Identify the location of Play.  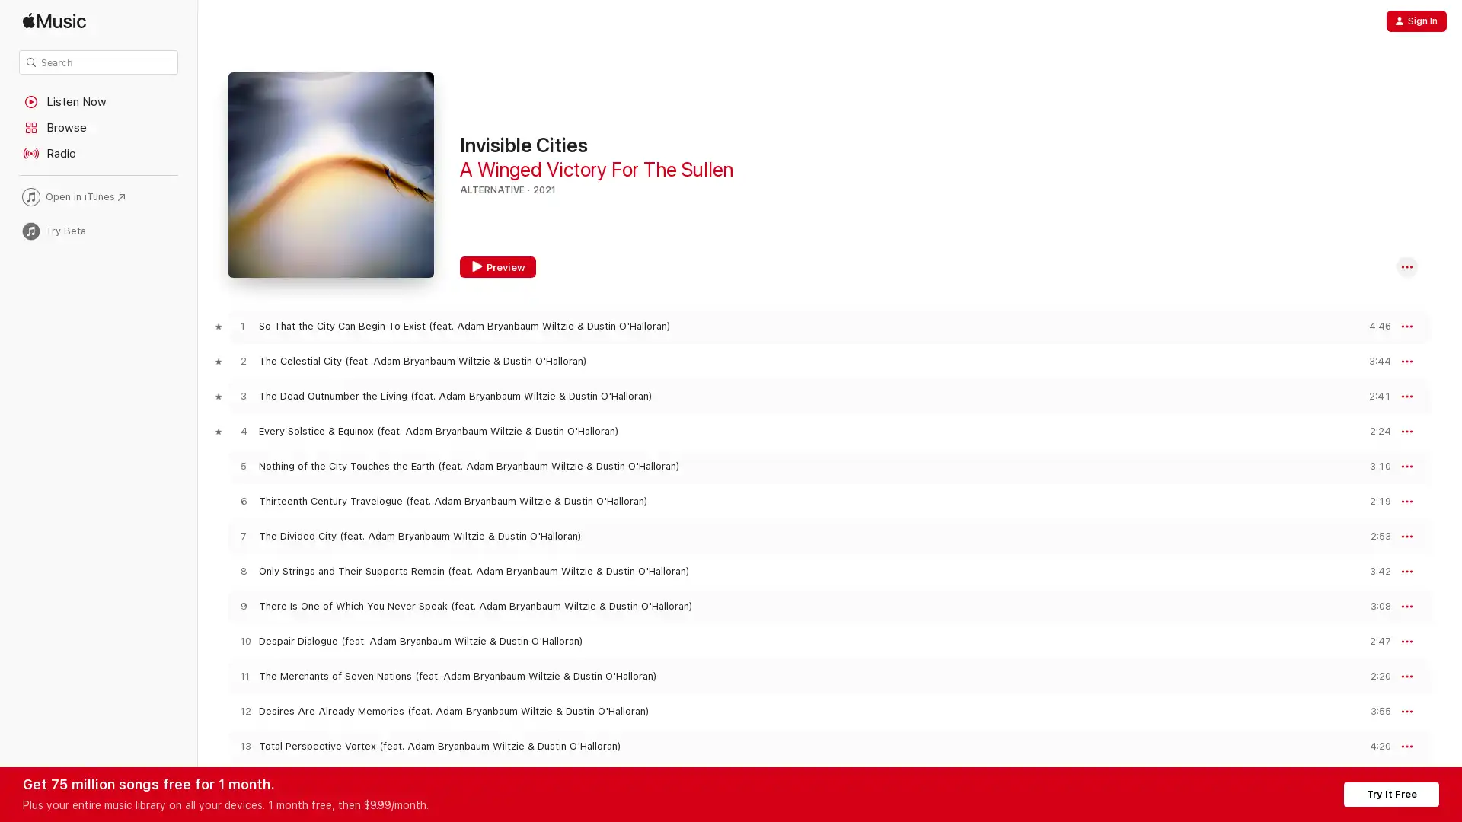
(242, 535).